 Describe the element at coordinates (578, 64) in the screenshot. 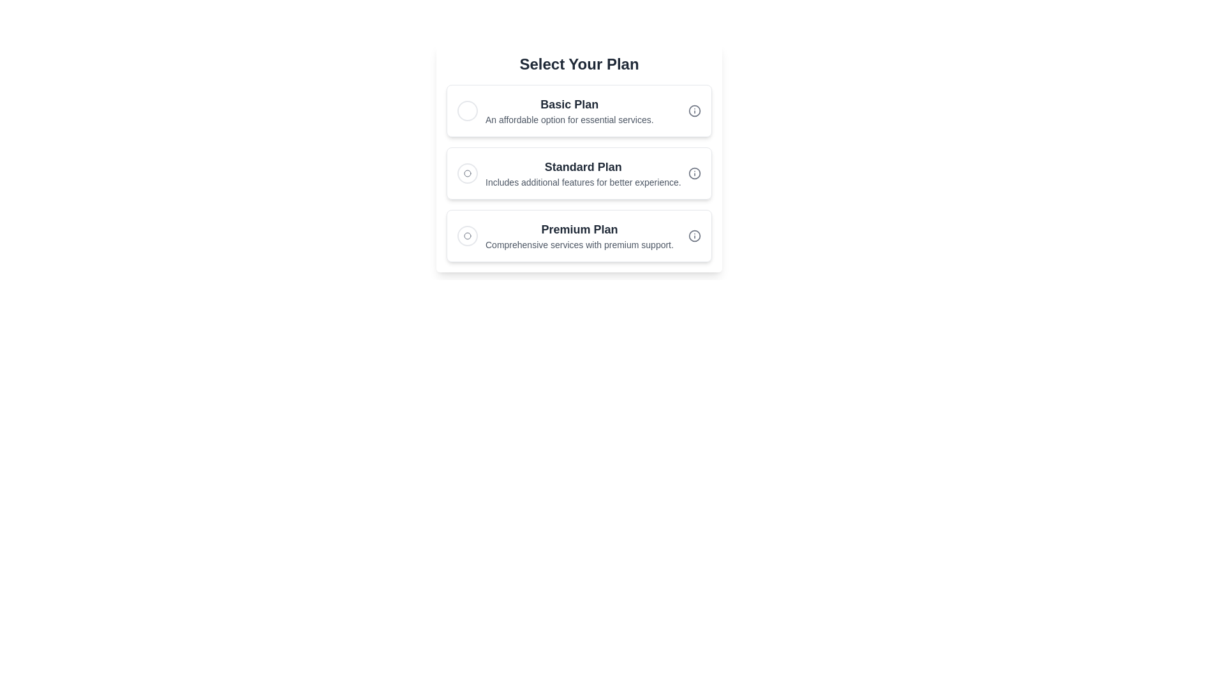

I see `the Text header located at the top of the section, which serves as a title for the options 'Basic Plan', 'Standard Plan', and 'Premium Plan'` at that location.